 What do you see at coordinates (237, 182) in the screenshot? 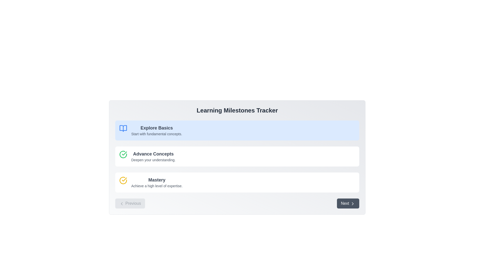
I see `the third informational block in the progress tracker that describes the 'Mastery' milestone` at bounding box center [237, 182].